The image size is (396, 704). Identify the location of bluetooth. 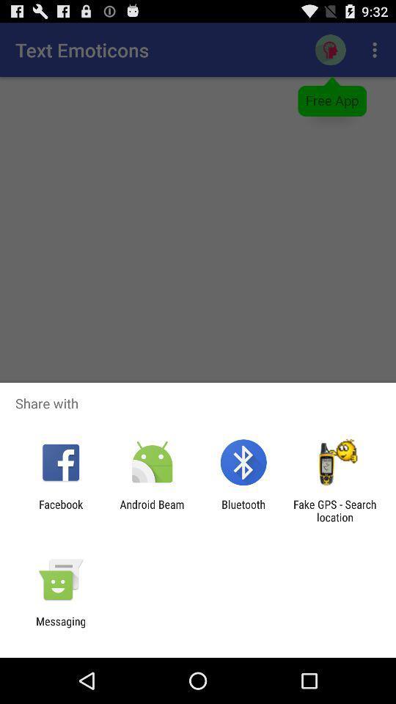
(243, 510).